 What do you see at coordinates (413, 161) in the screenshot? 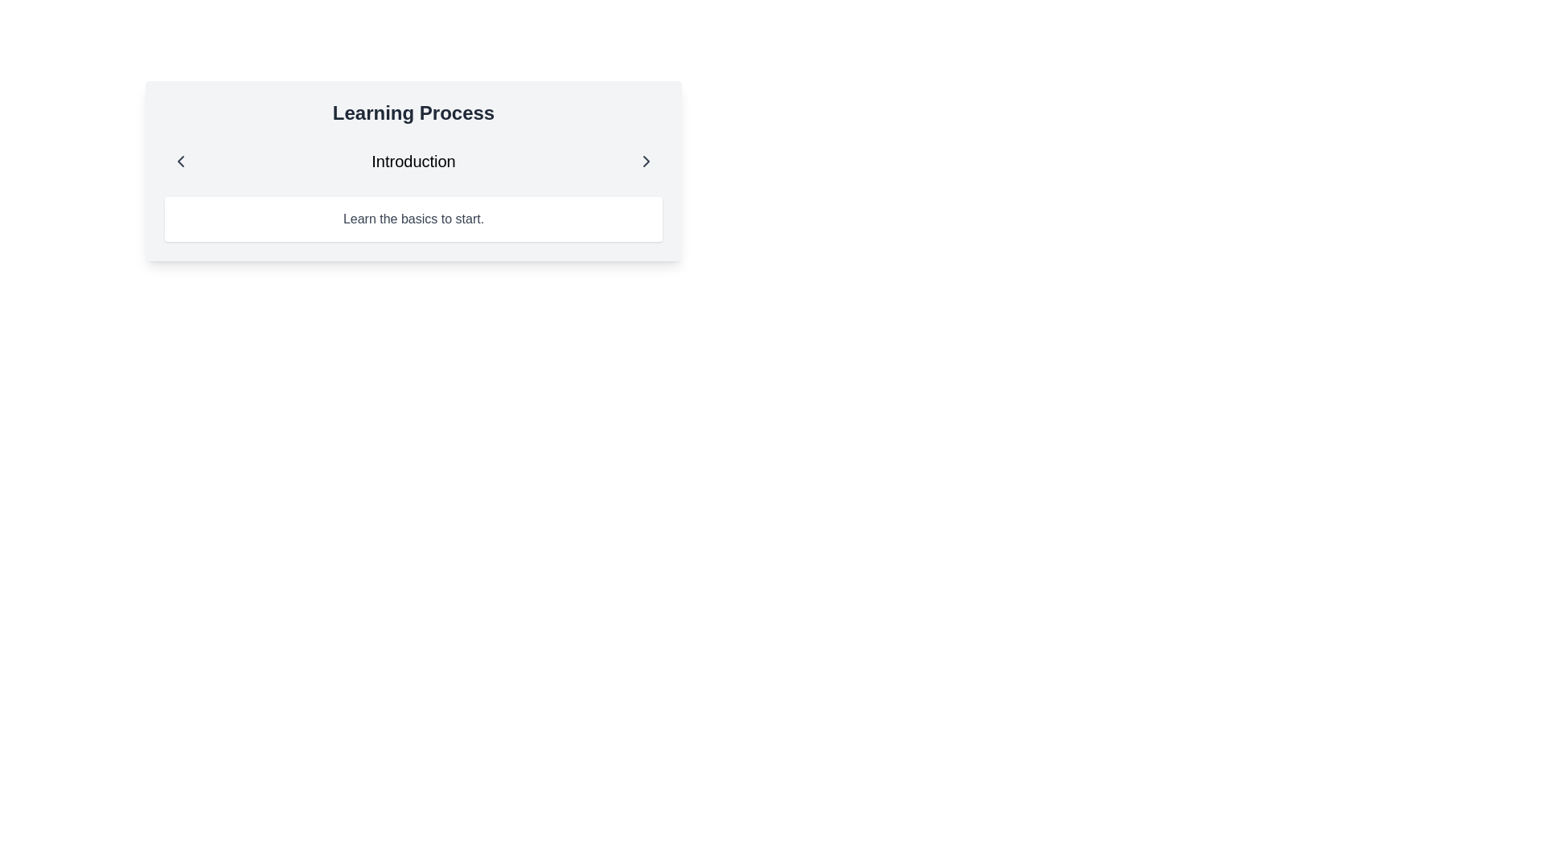
I see `the 'Introduction' text element, which is a horizontally aligned bar featuring navigation arrows on either side, positioned beneath the 'Learning Process' heading` at bounding box center [413, 161].